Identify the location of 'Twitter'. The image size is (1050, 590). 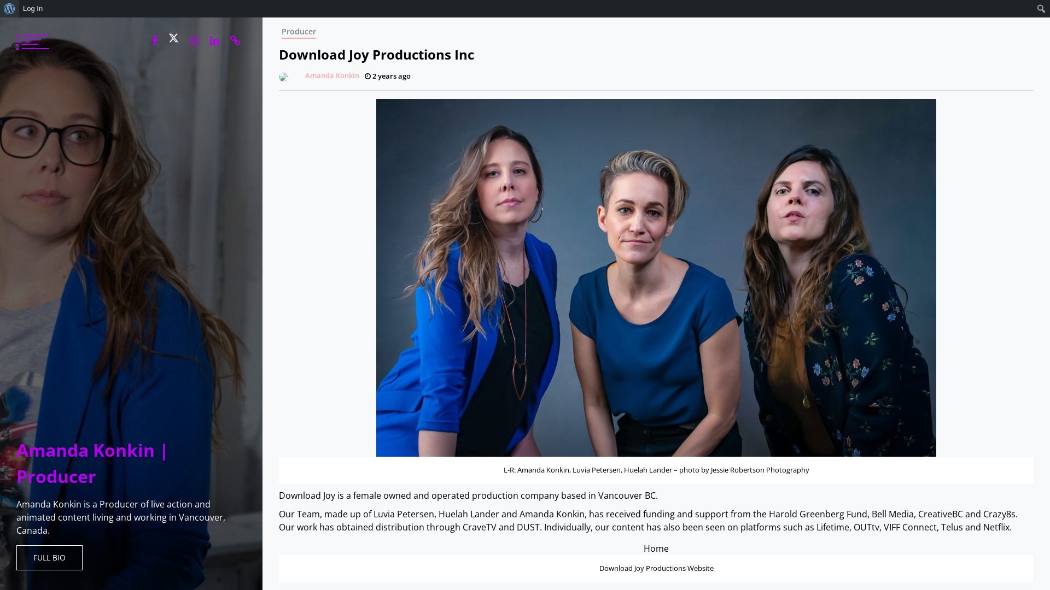
(173, 37).